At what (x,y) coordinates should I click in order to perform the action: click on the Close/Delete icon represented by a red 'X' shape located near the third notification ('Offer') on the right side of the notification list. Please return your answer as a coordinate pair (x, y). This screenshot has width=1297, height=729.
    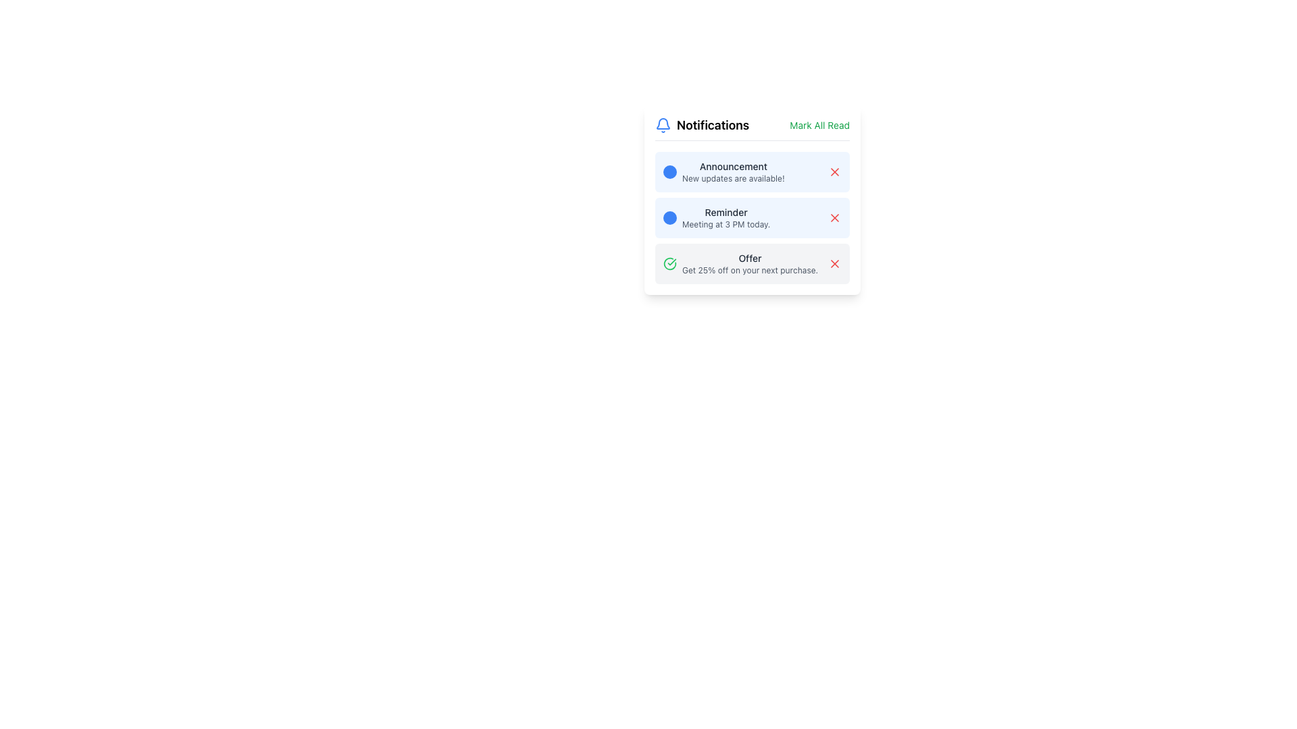
    Looking at the image, I should click on (834, 263).